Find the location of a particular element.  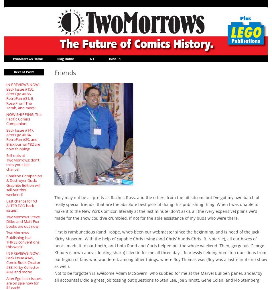

'Back Issue #147, Alter Ego #184, RetroFan #29, and BrickJournal #82 are now shipping!' is located at coordinates (23, 139).